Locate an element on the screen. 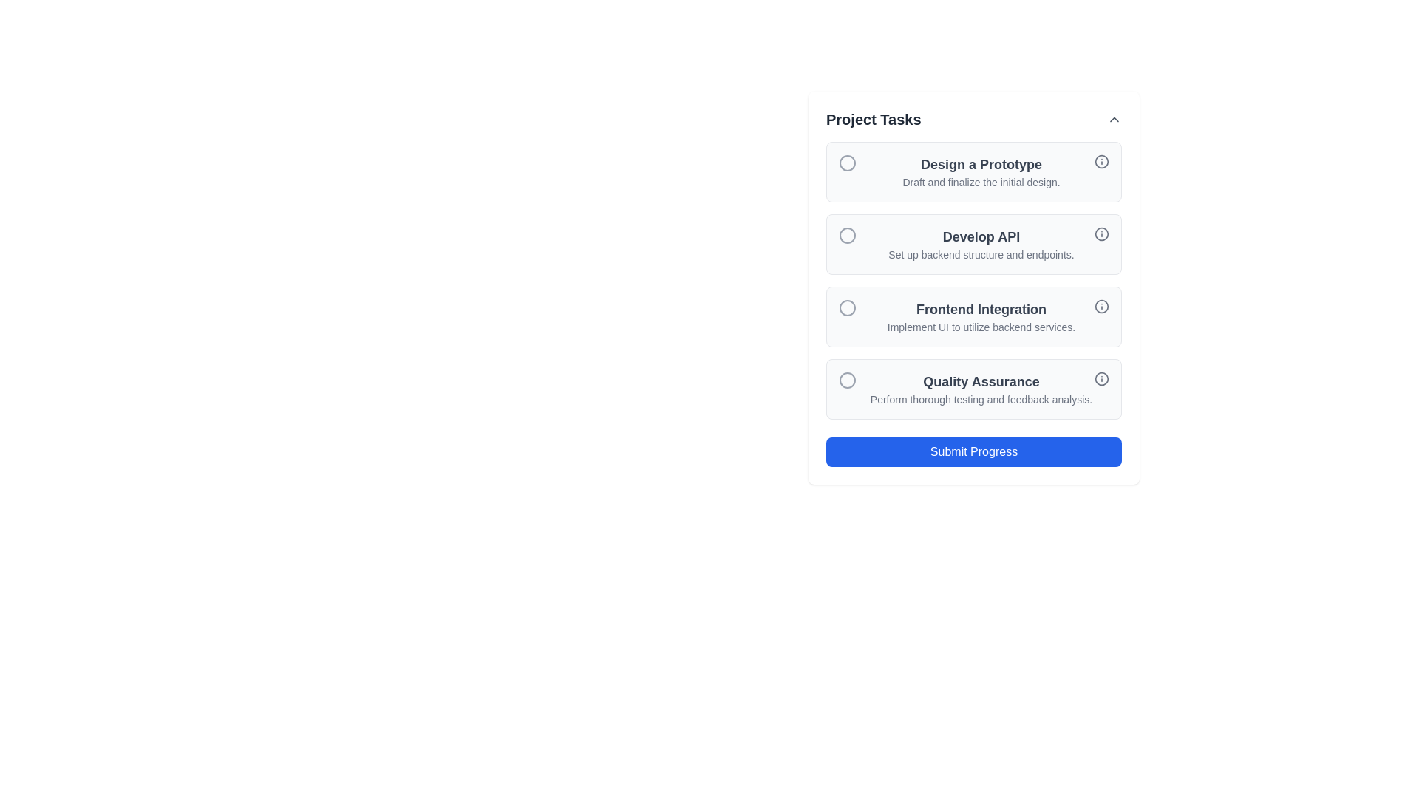  the circular info icon, which is gray and has a central dot, located in the 'Develop API' section is located at coordinates (1102, 233).